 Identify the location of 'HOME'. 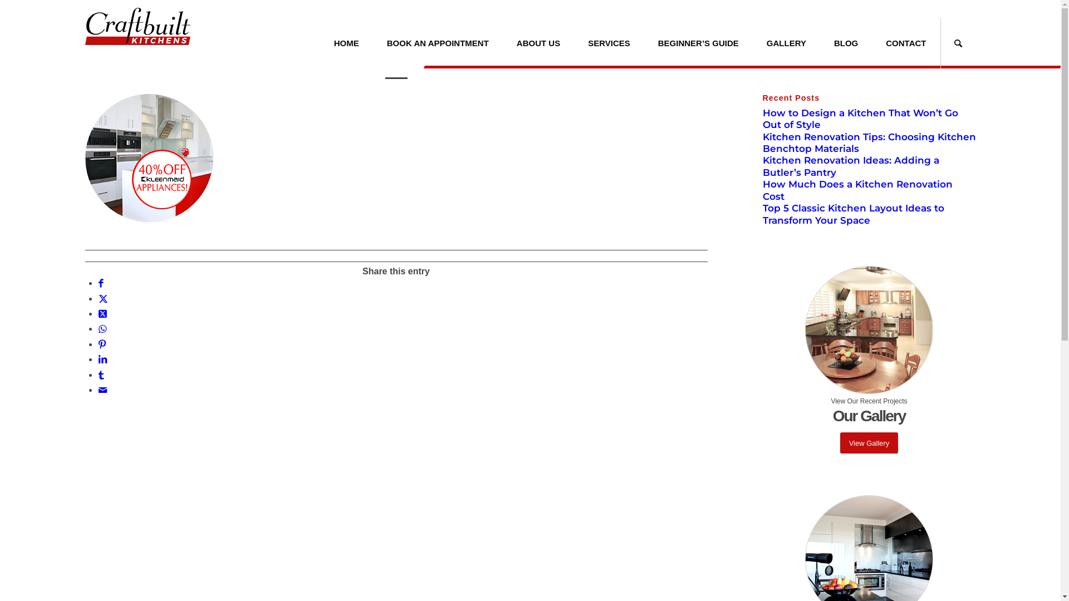
(346, 42).